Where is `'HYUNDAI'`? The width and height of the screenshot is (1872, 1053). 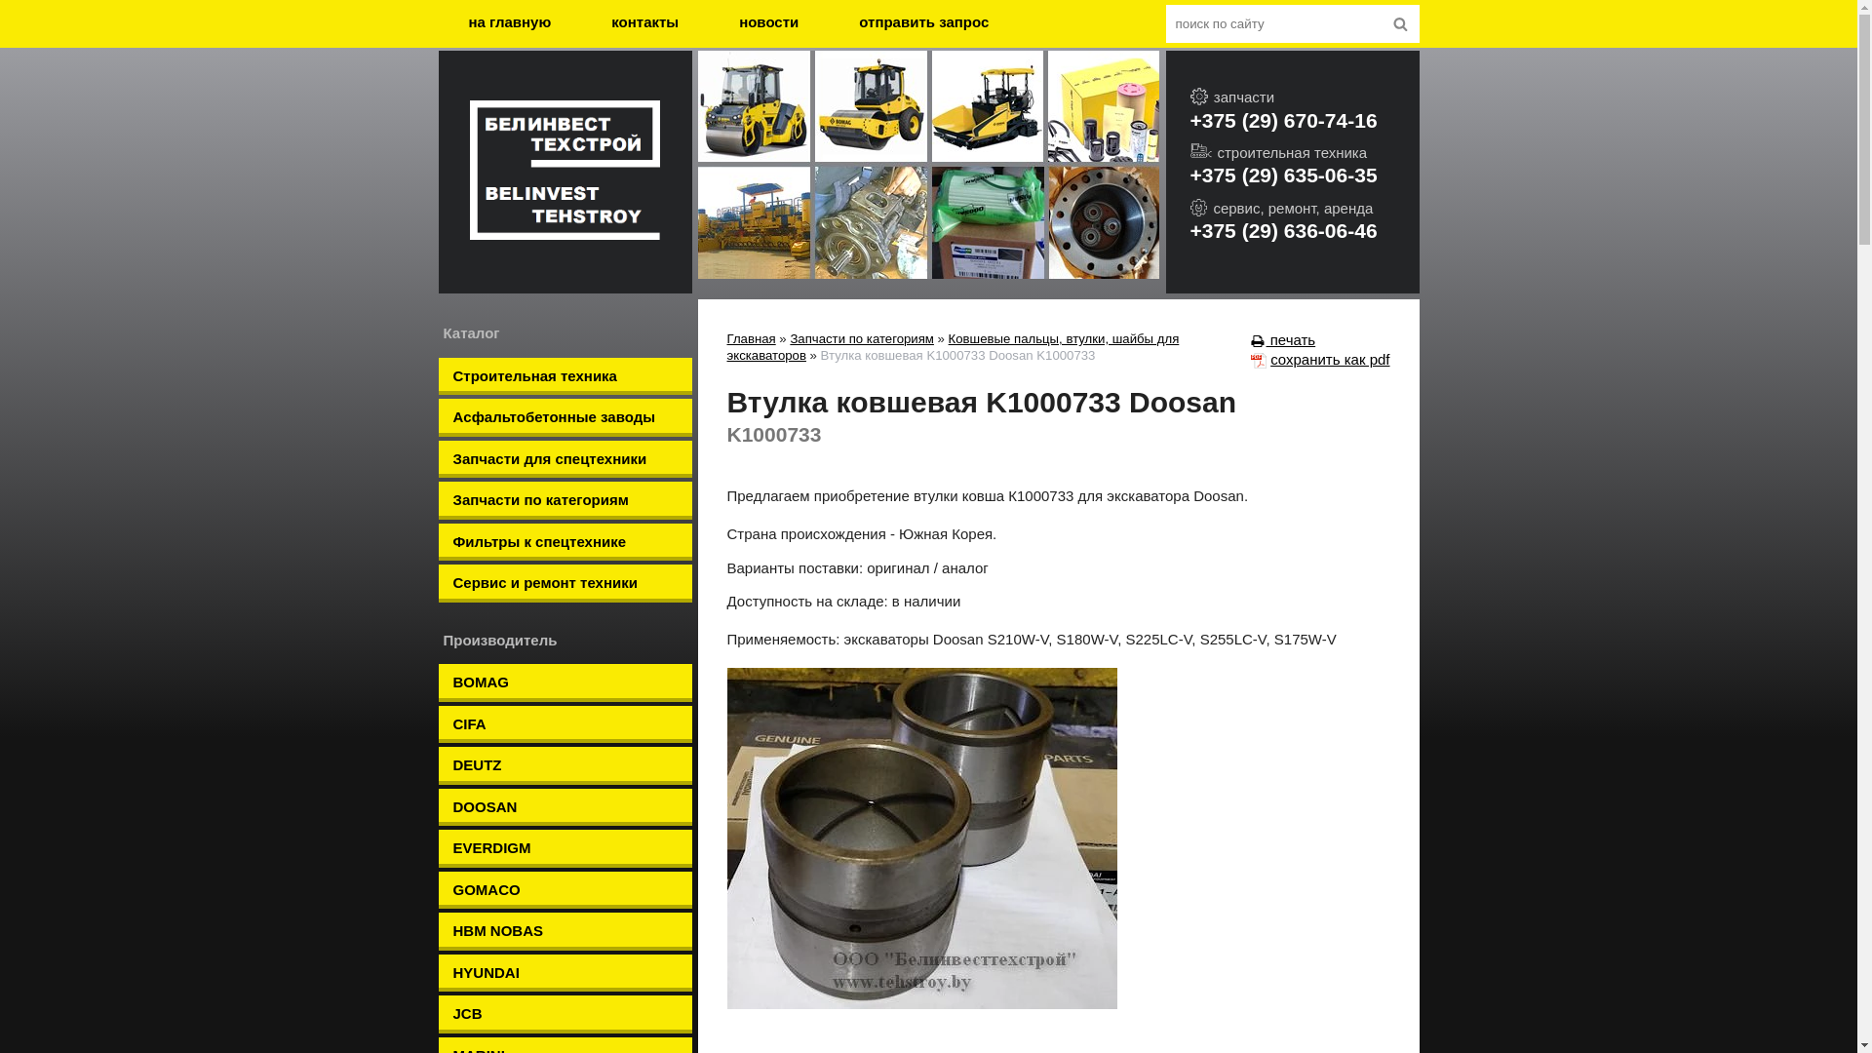 'HYUNDAI' is located at coordinates (438, 972).